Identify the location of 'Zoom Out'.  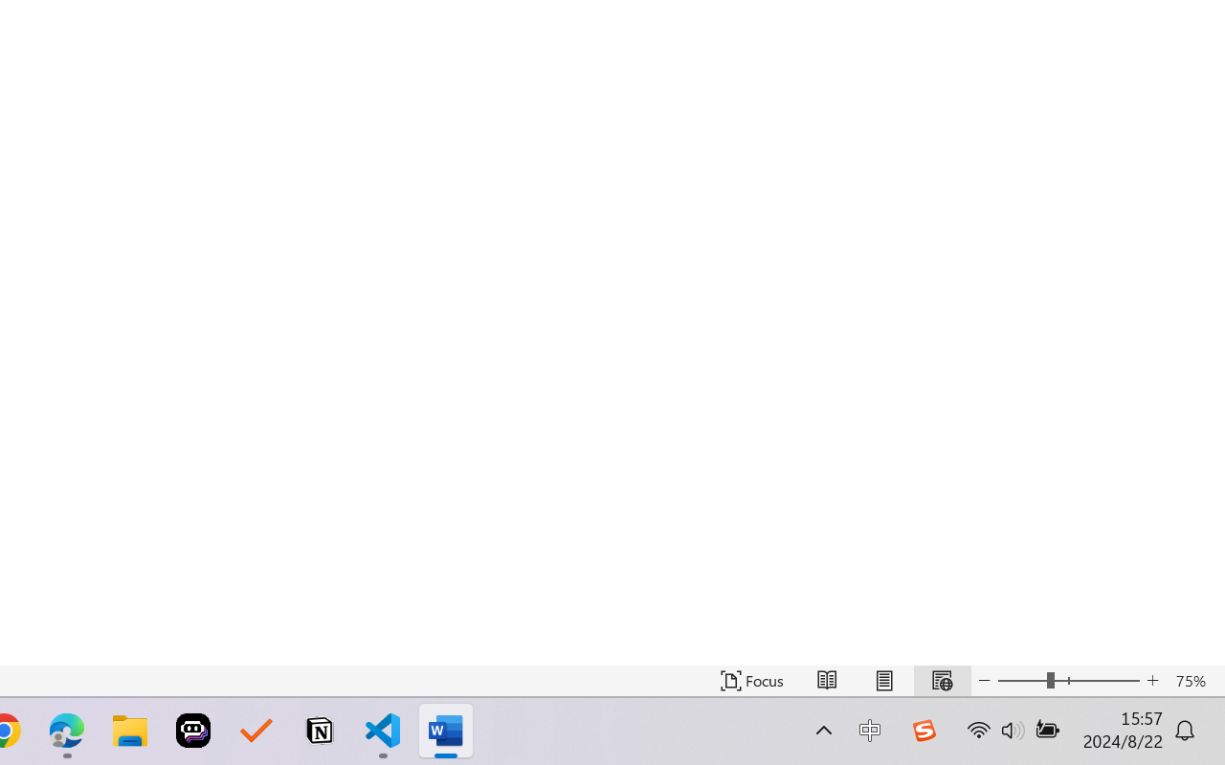
(1021, 680).